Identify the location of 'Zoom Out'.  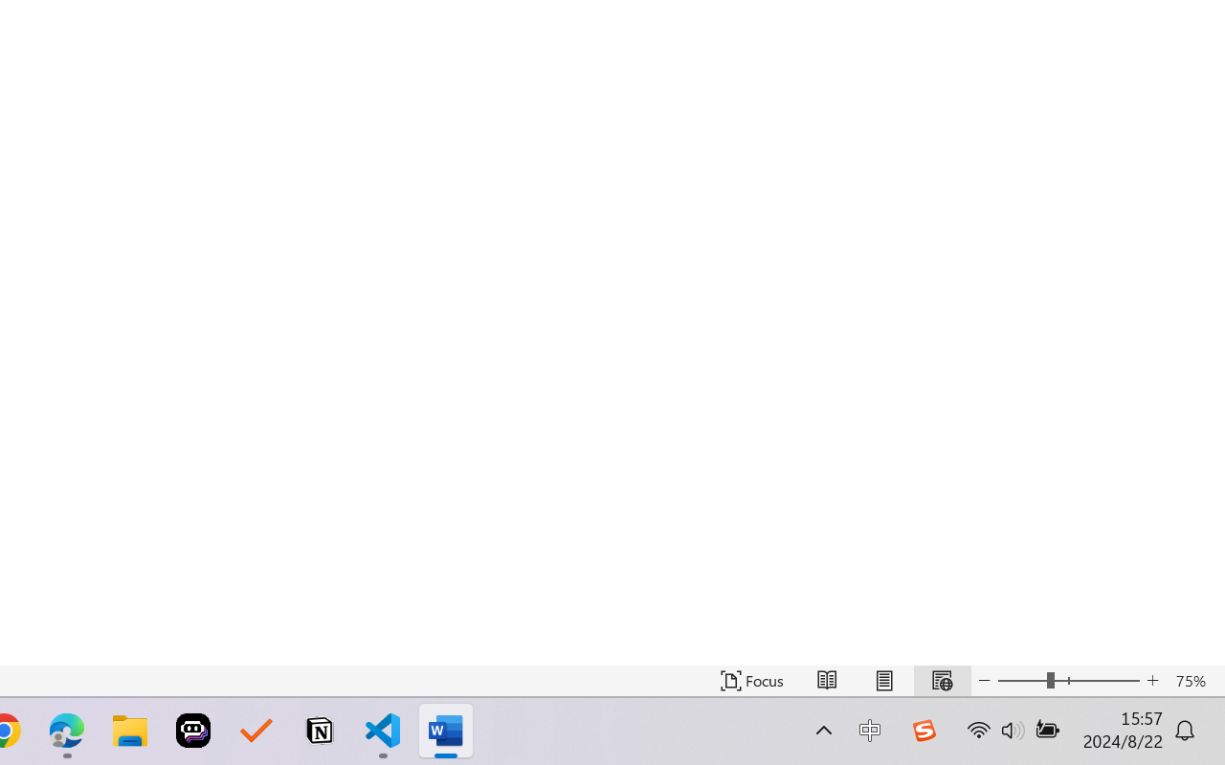
(1021, 680).